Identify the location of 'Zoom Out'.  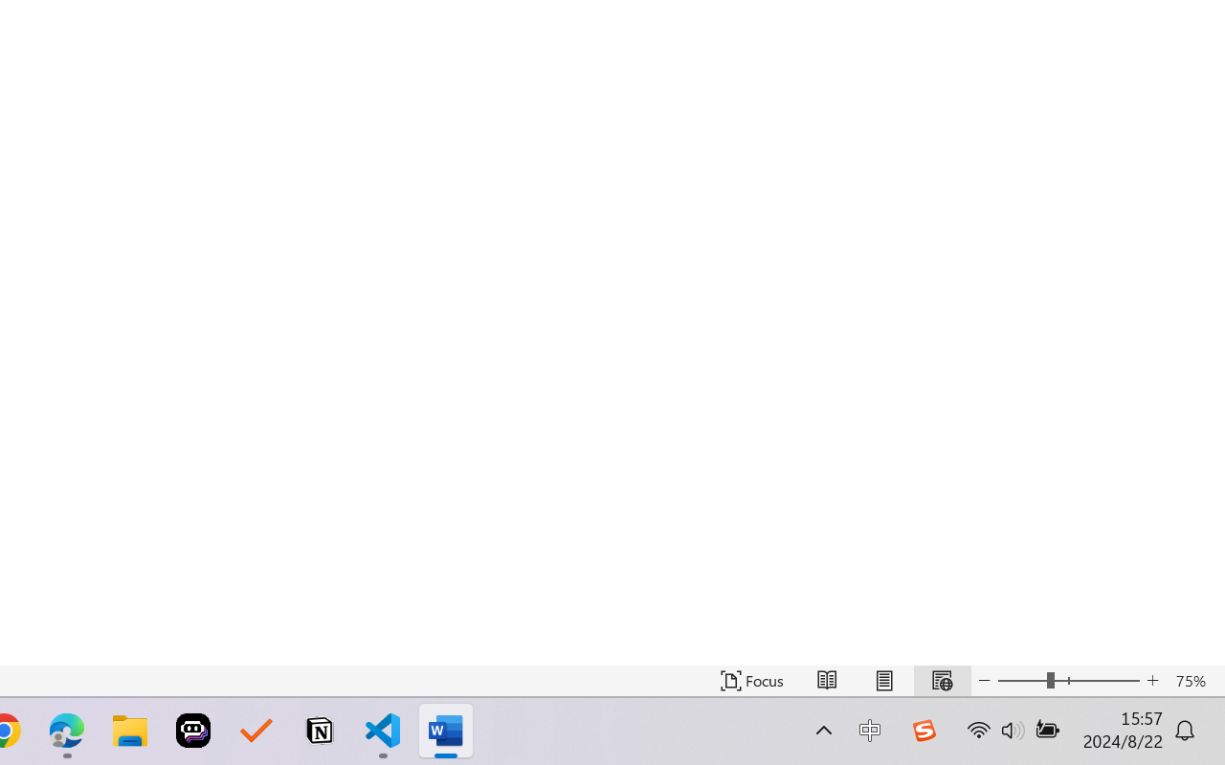
(1021, 680).